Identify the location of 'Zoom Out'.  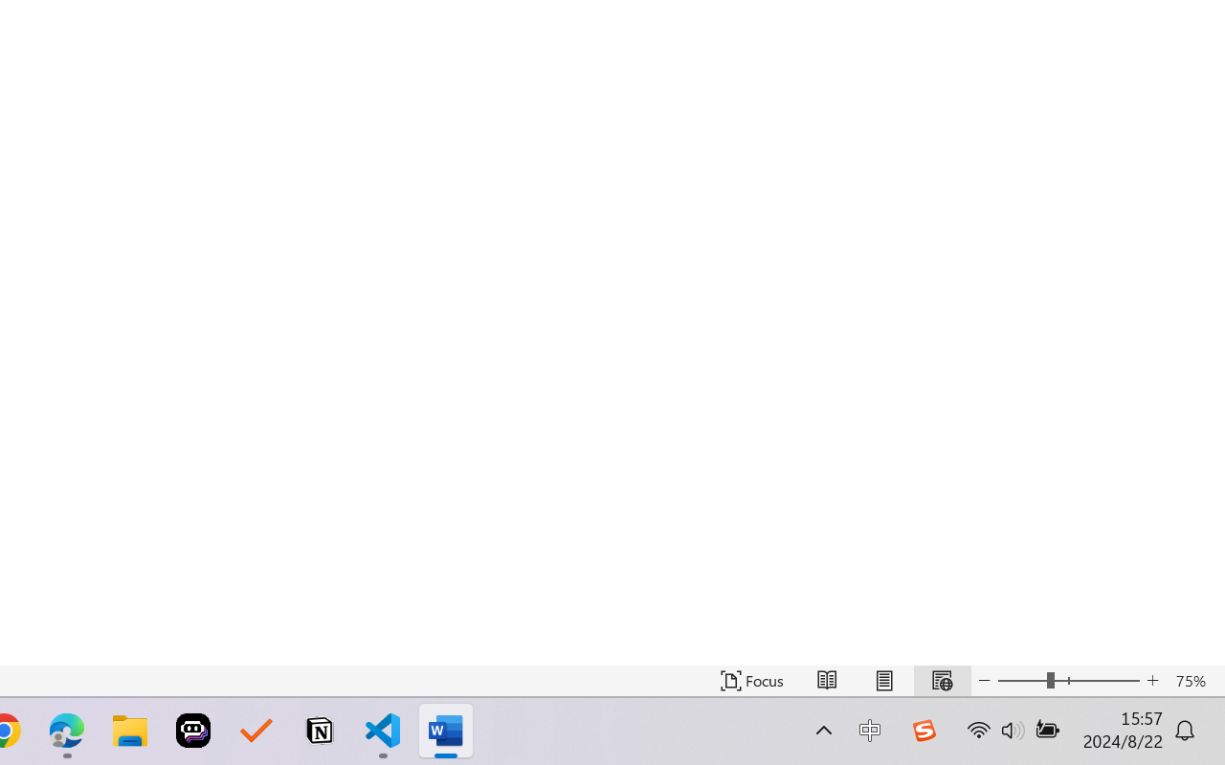
(1021, 680).